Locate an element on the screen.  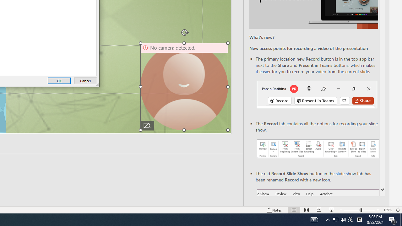
'Camera 9, No camera detected.' is located at coordinates (184, 87).